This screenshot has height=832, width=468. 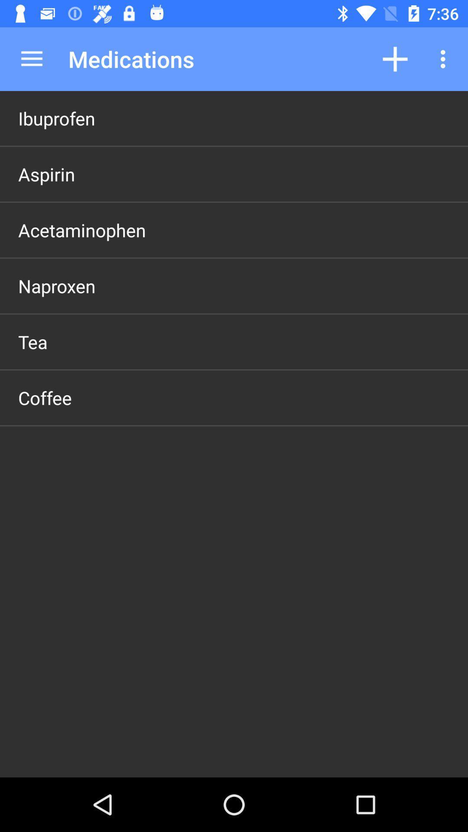 I want to click on the item above the aspirin app, so click(x=56, y=118).